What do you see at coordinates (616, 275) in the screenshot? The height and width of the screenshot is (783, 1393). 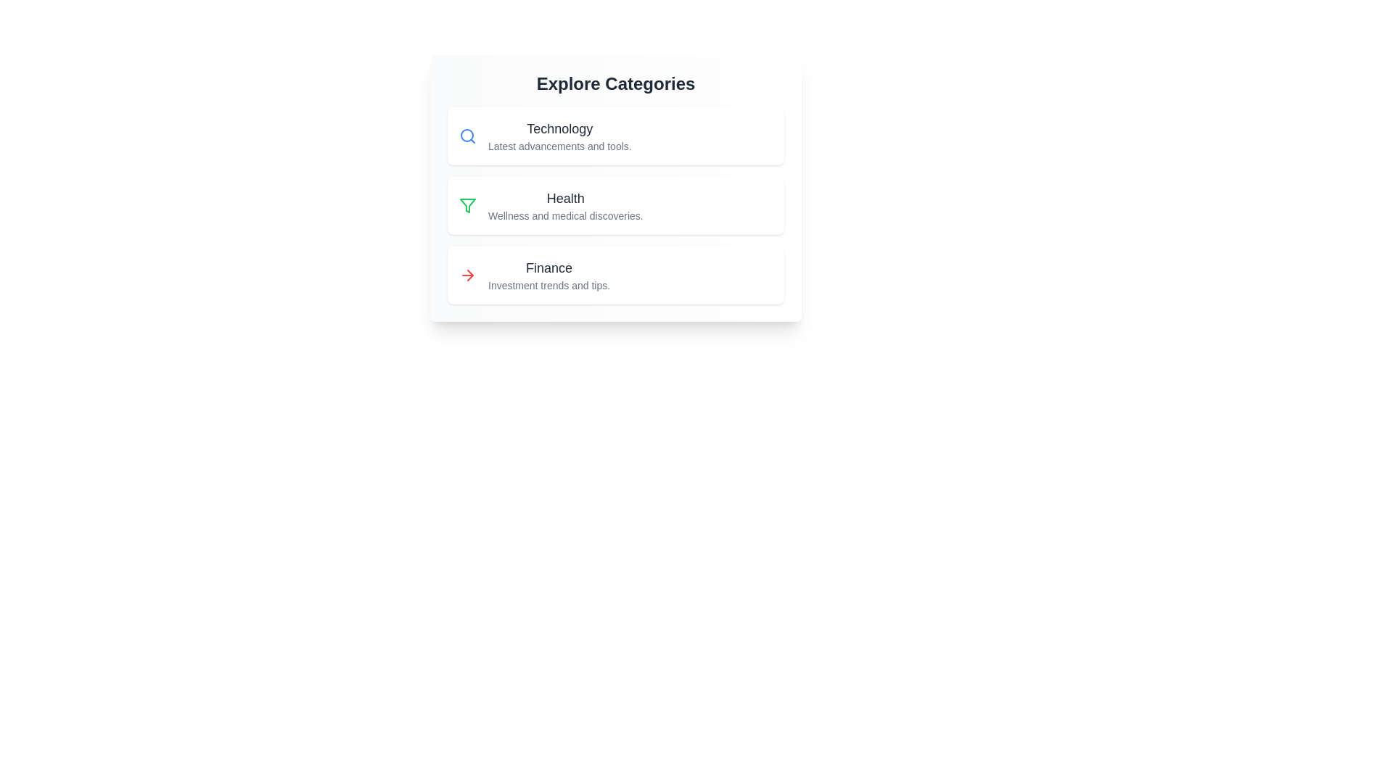 I see `the category Finance to observe its hover effects` at bounding box center [616, 275].